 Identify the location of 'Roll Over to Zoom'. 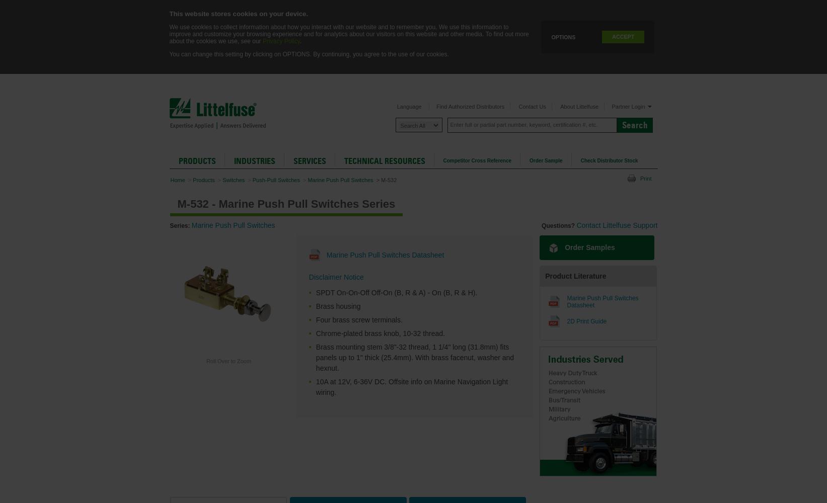
(228, 361).